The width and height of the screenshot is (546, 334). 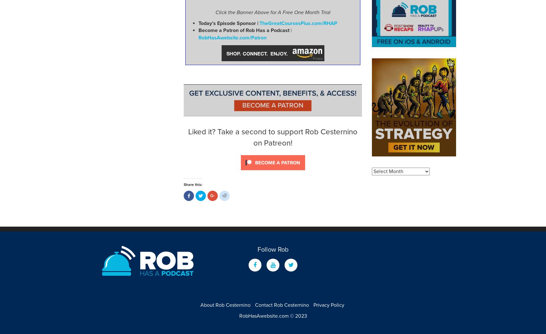 I want to click on 'Follow Rob', so click(x=272, y=249).